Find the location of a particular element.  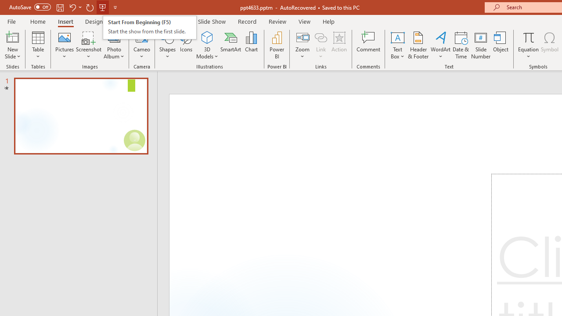

'Link' is located at coordinates (321, 37).